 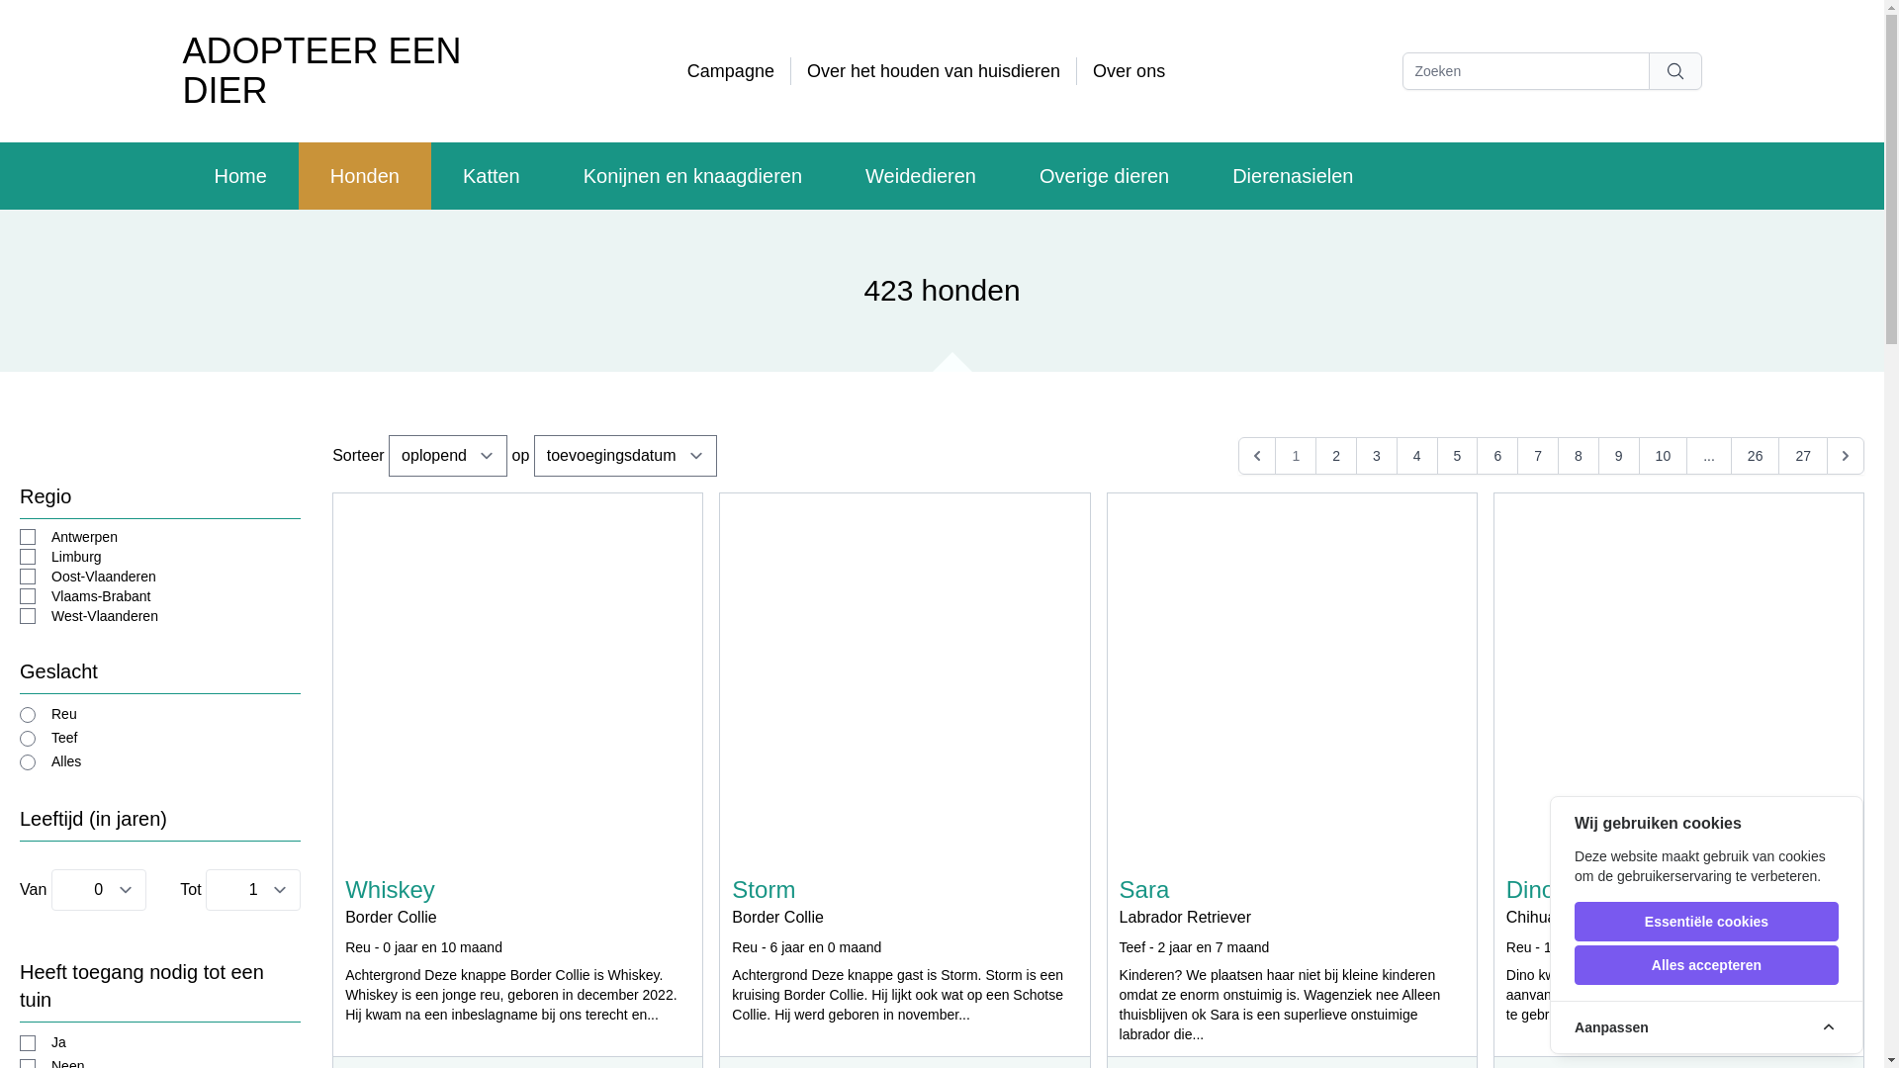 I want to click on '2', so click(x=1335, y=456).